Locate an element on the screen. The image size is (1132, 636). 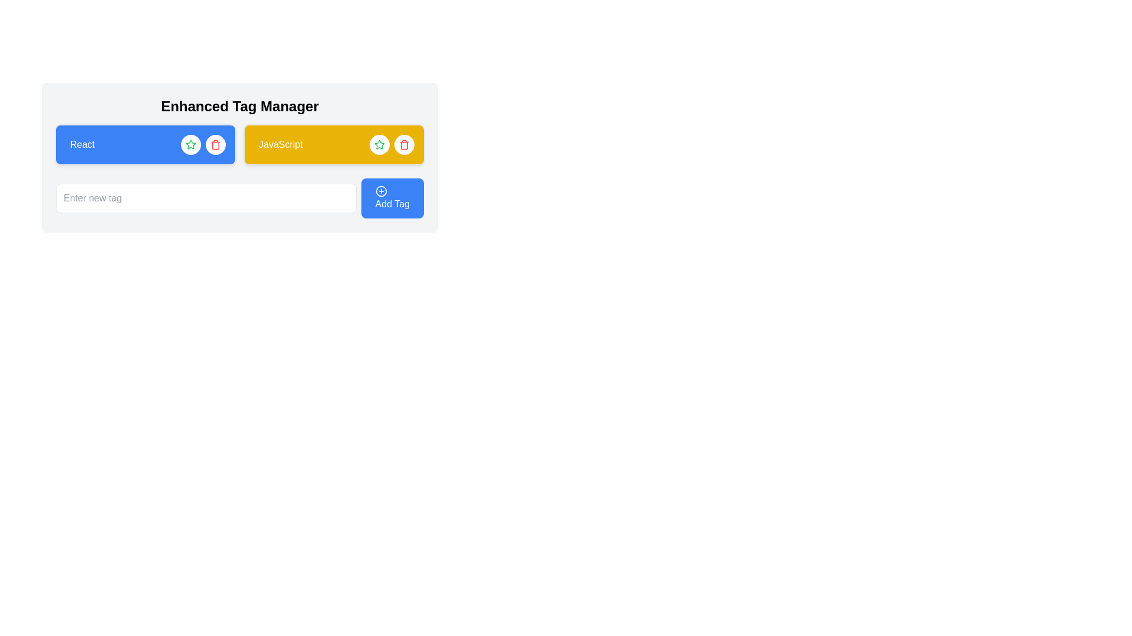
the green star icon with a hollow center located inside the circular white button on the left side of the 'React' tag block is located at coordinates (379, 144).